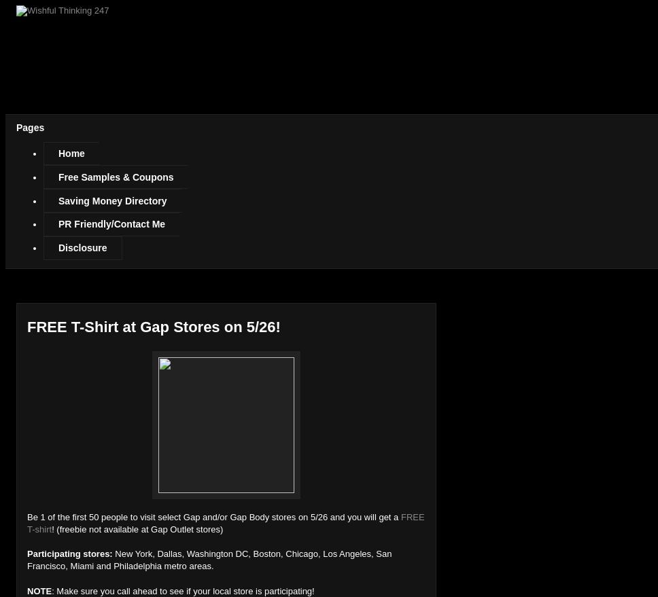 The image size is (658, 597). Describe the element at coordinates (27, 522) in the screenshot. I see `'FREE T-shirt'` at that location.